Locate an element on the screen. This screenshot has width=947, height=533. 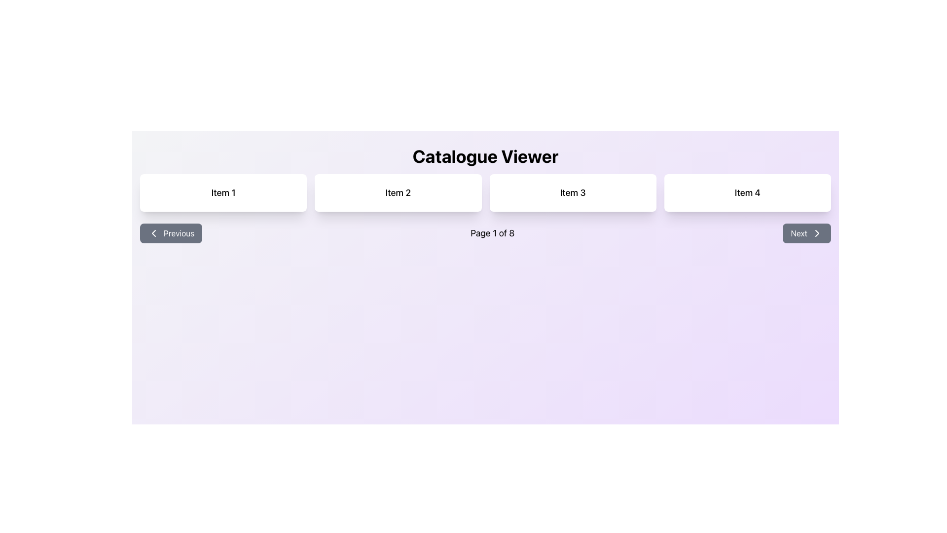
Card element that contains the text 'Item 3', which is the third item in a grid layout is located at coordinates (573, 192).